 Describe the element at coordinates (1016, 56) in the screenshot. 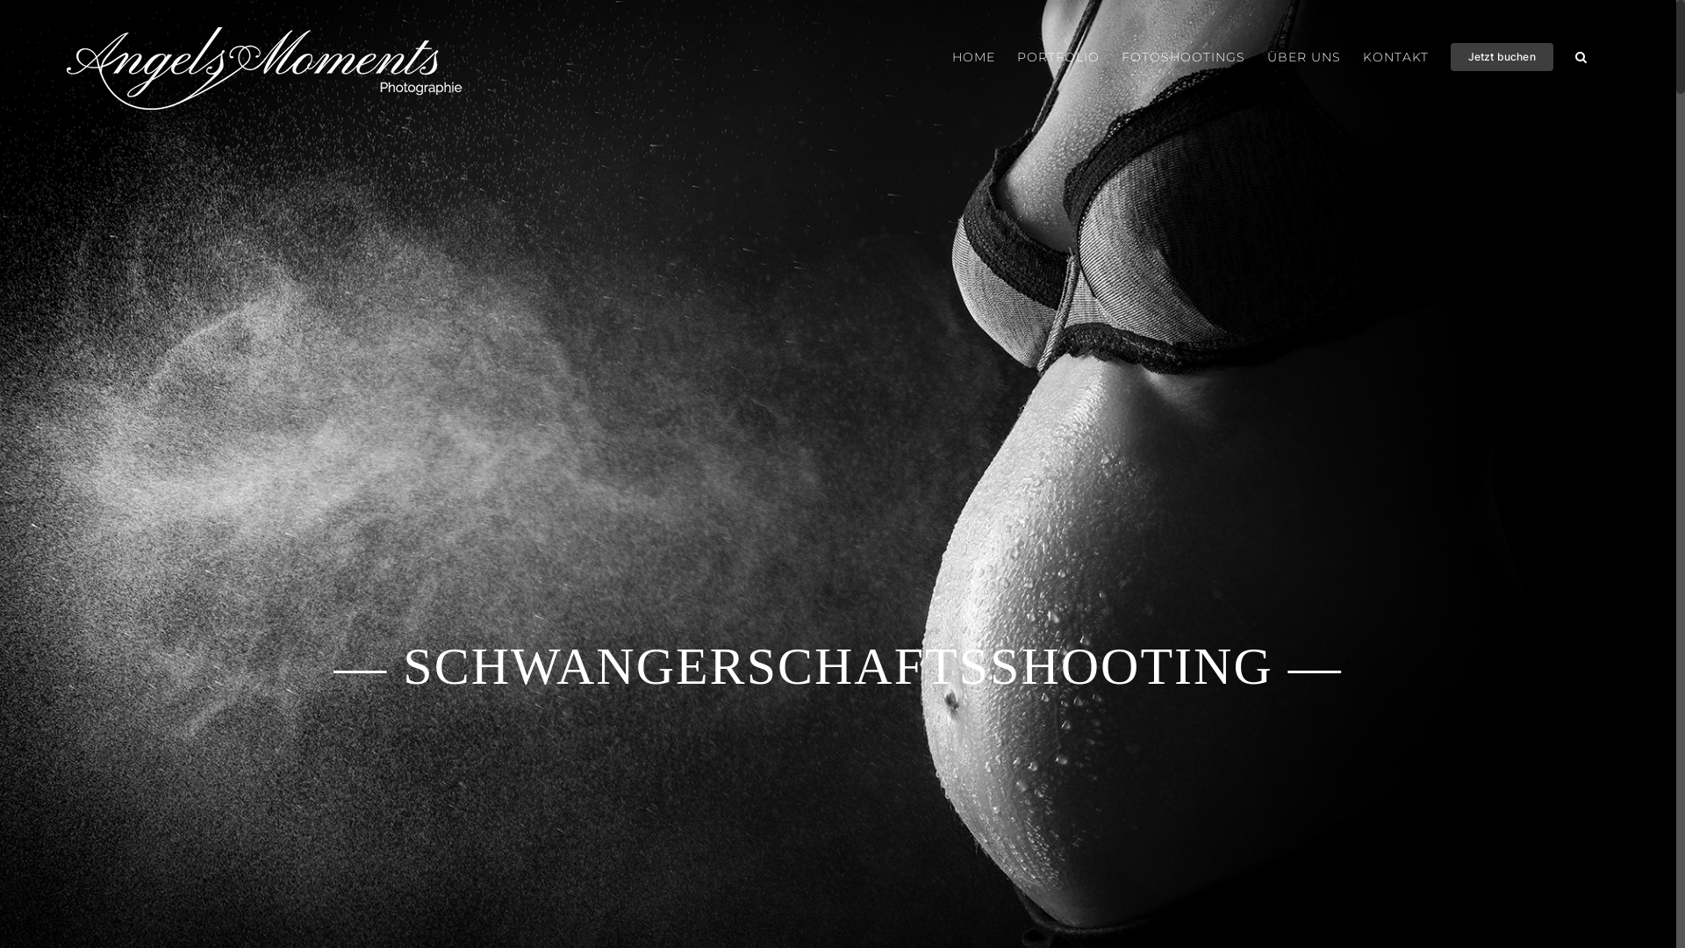

I see `'PORTFOLIO'` at that location.